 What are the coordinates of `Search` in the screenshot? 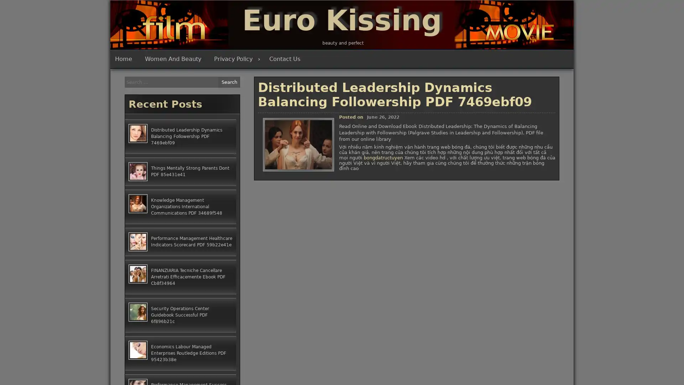 It's located at (229, 82).